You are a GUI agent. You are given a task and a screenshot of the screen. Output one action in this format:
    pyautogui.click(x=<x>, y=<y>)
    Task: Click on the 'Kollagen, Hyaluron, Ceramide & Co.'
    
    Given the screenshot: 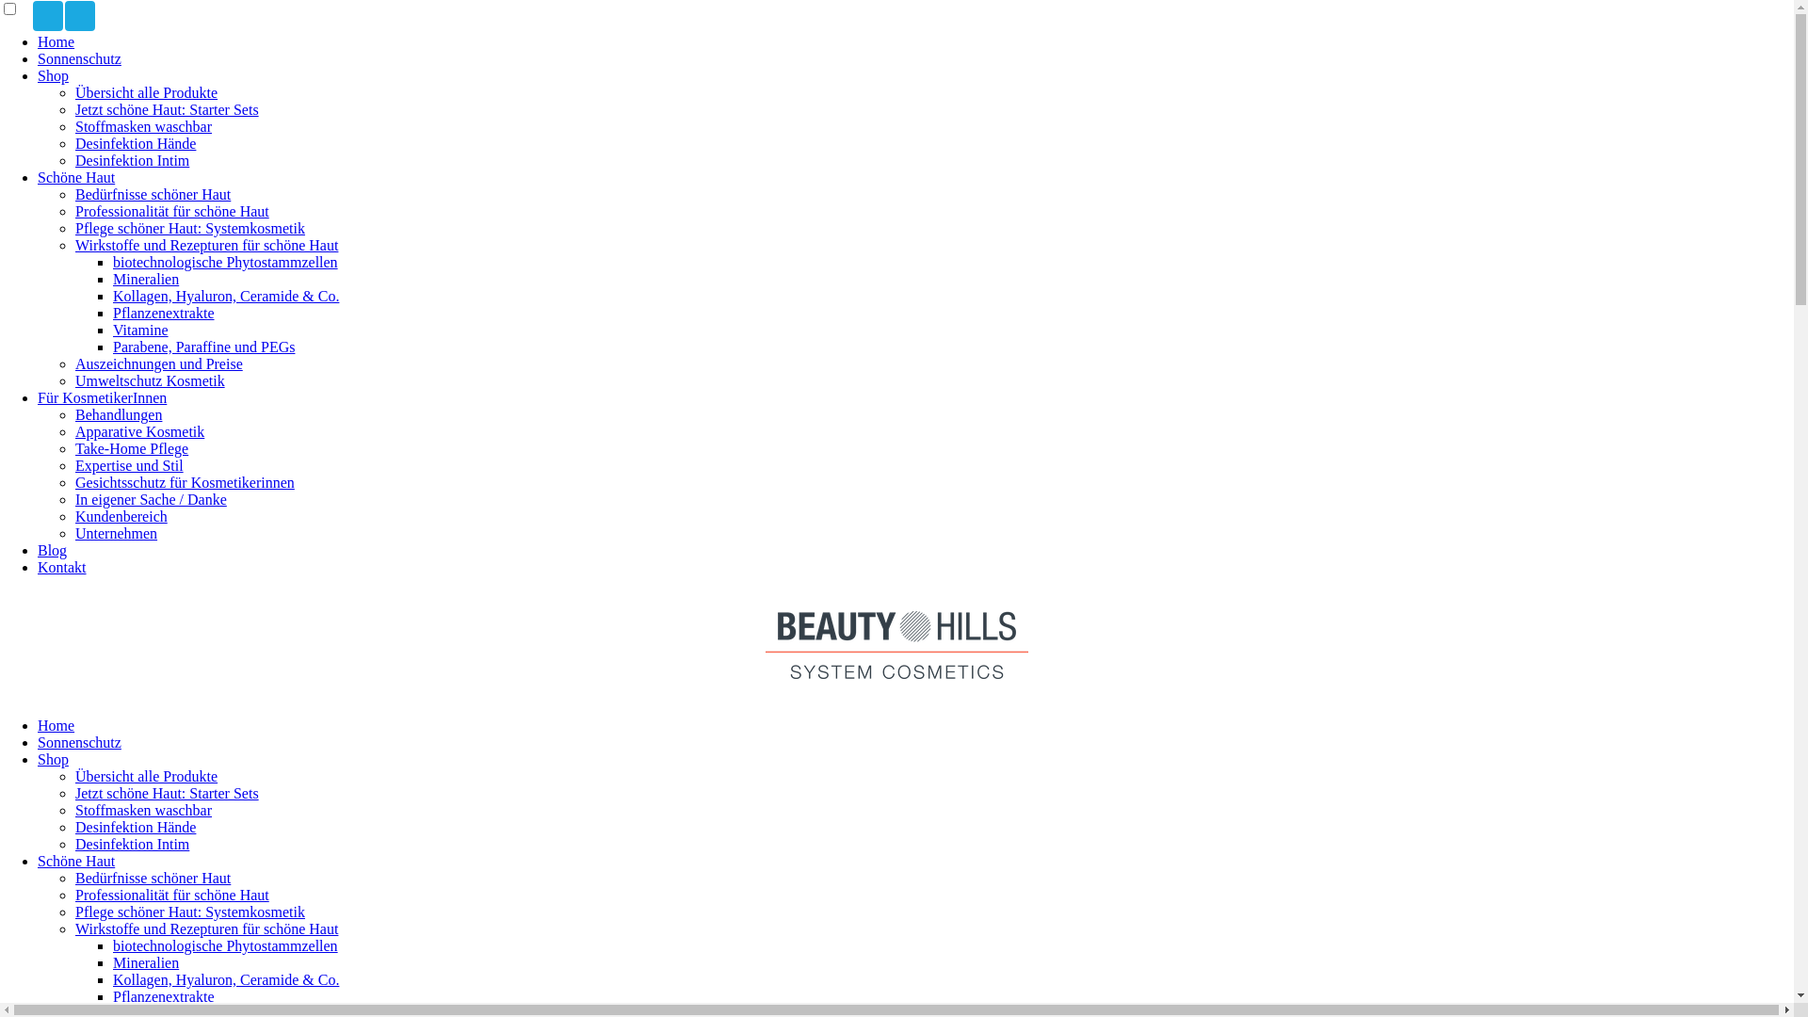 What is the action you would take?
    pyautogui.click(x=226, y=978)
    